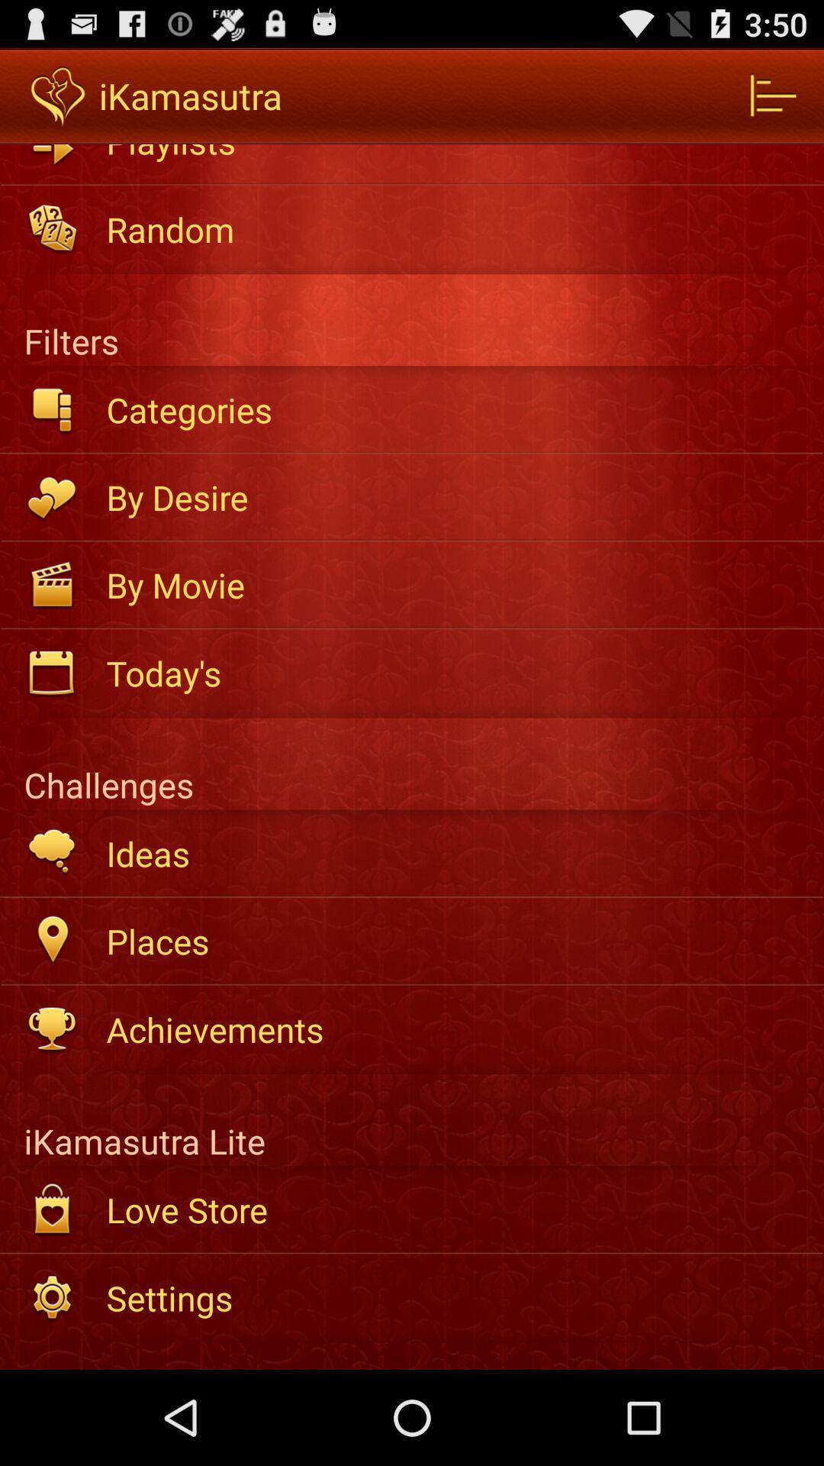 This screenshot has height=1466, width=824. I want to click on icon above the challenges item, so click(454, 672).